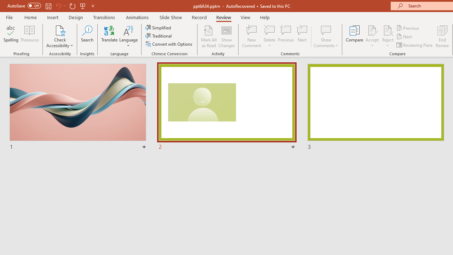 The width and height of the screenshot is (453, 255). Describe the element at coordinates (226, 36) in the screenshot. I see `'Show Changes'` at that location.